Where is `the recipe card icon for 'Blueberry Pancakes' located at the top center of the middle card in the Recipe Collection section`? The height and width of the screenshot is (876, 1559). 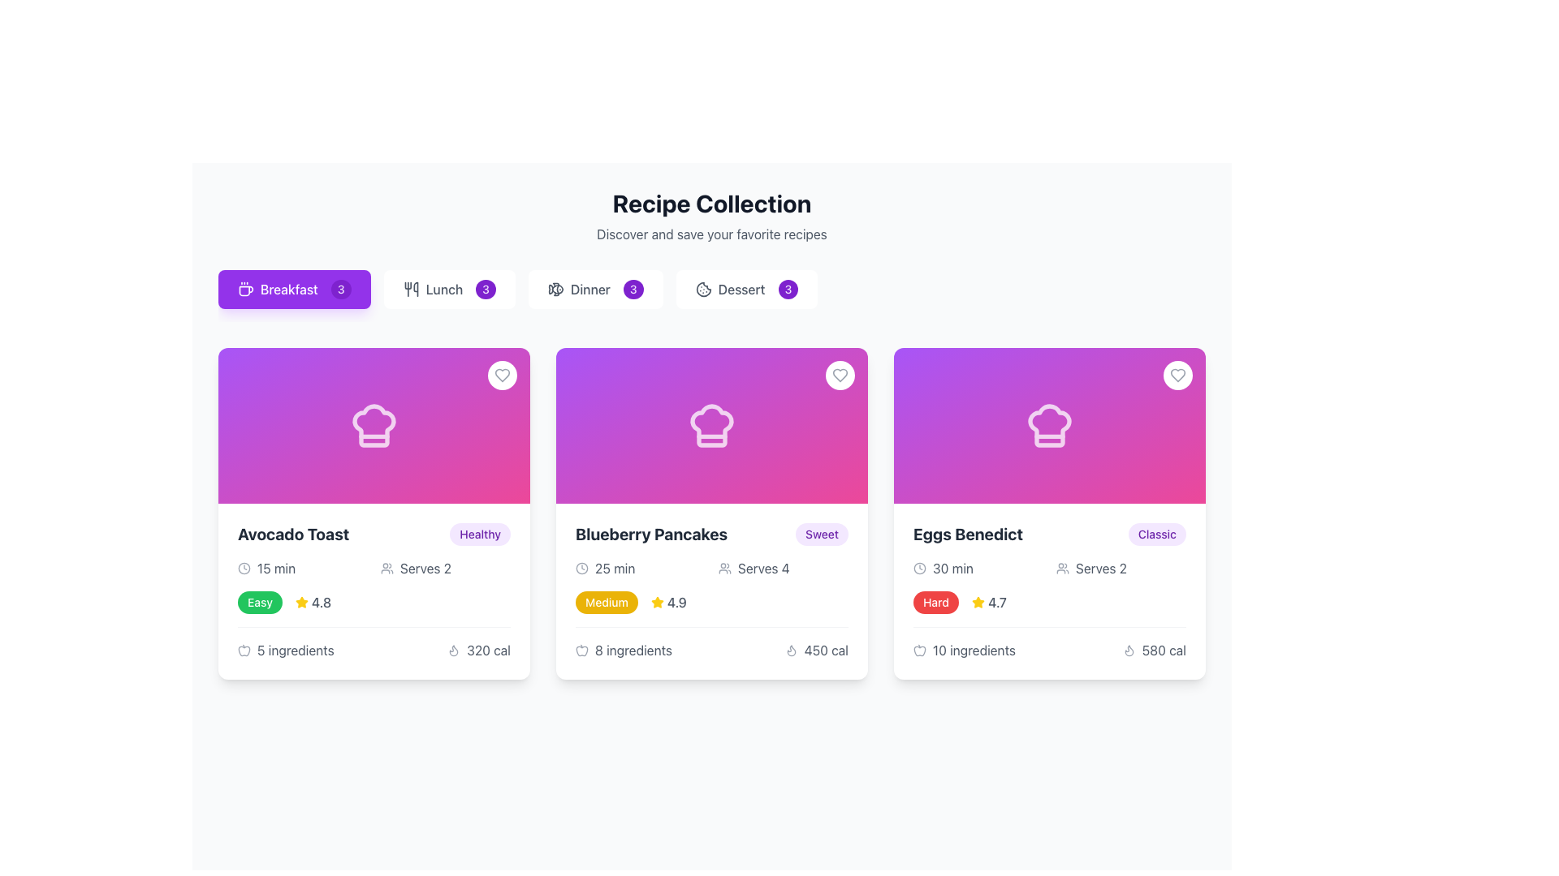
the recipe card icon for 'Blueberry Pancakes' located at the top center of the middle card in the Recipe Collection section is located at coordinates (712, 424).